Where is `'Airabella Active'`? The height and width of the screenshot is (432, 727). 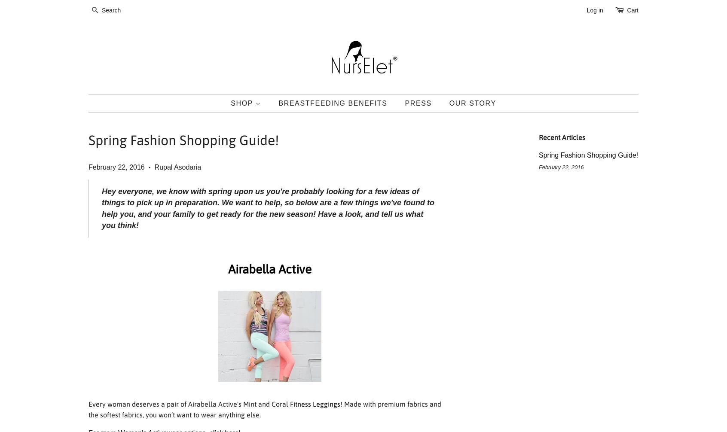
'Airabella Active' is located at coordinates (269, 269).